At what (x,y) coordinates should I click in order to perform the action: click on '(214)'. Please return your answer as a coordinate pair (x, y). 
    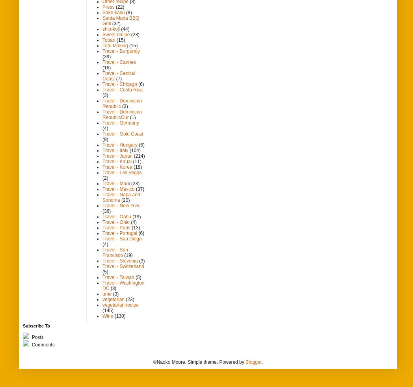
    Looking at the image, I should click on (134, 156).